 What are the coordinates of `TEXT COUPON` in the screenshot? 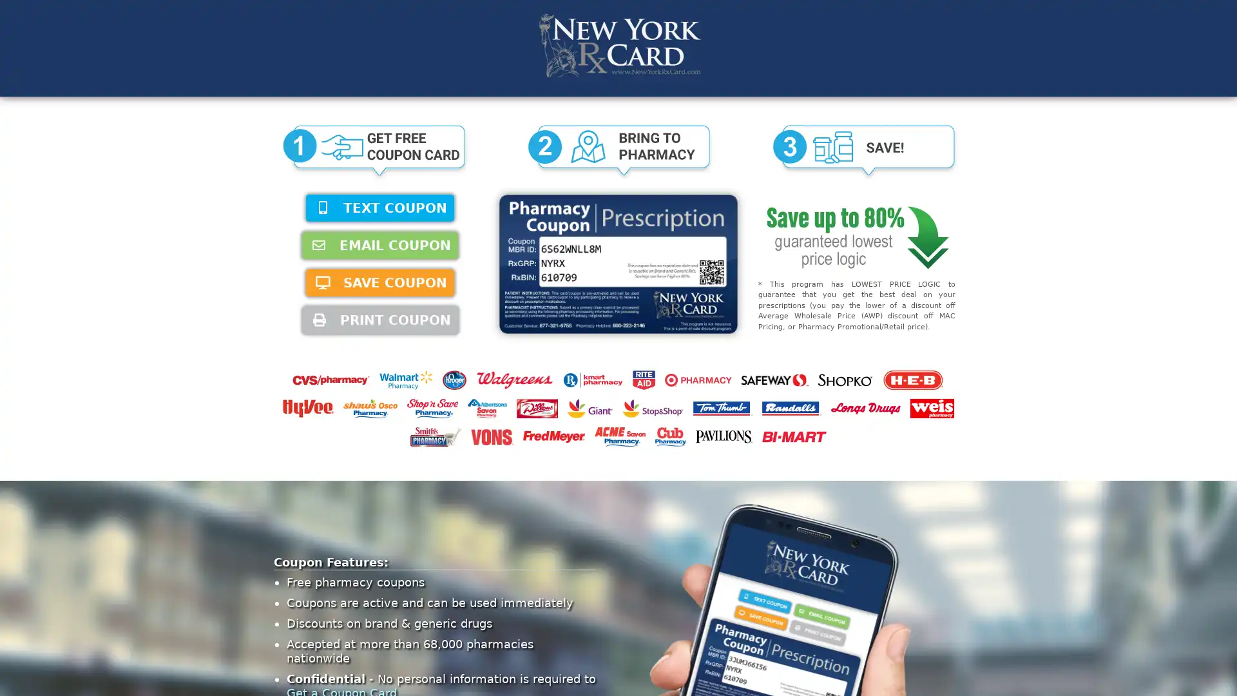 It's located at (379, 208).